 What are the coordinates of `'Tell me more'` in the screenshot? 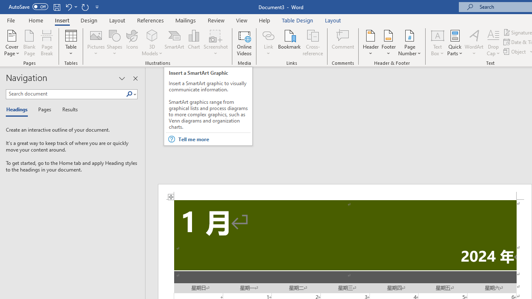 It's located at (214, 139).